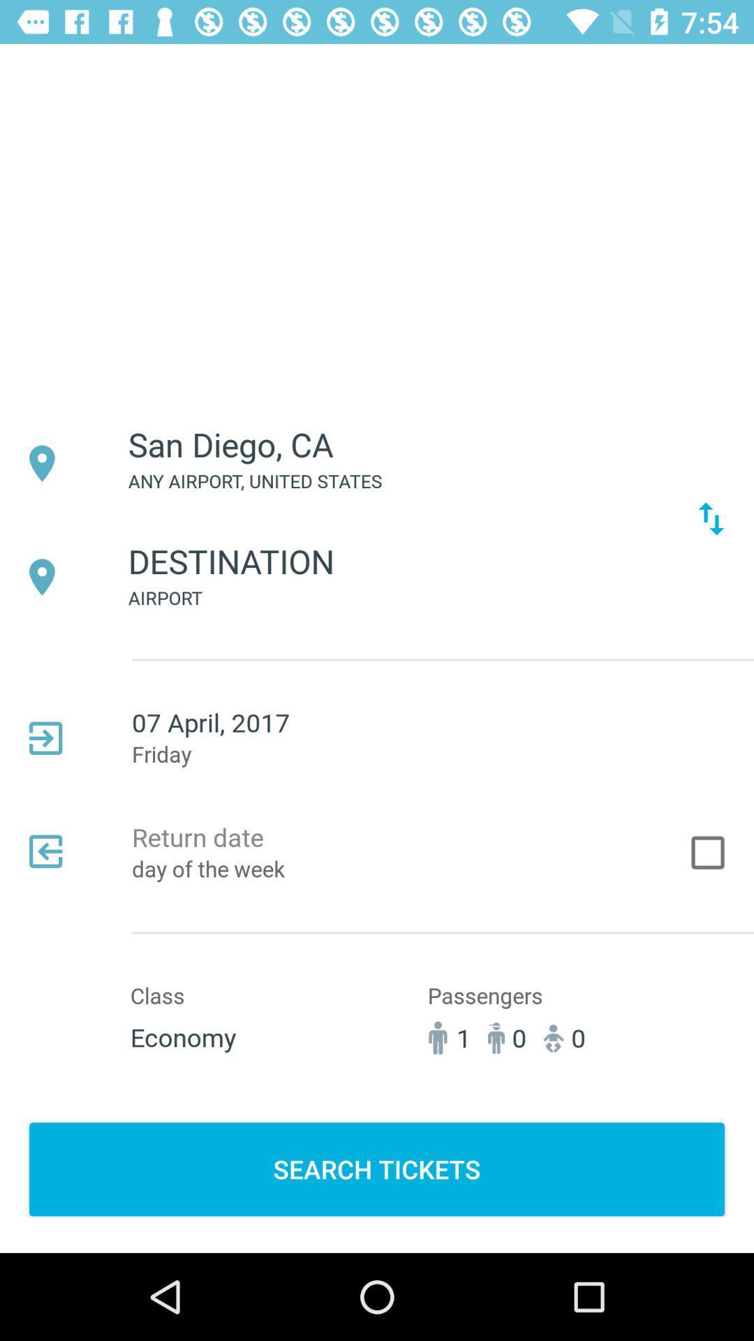  Describe the element at coordinates (377, 1169) in the screenshot. I see `the search tickets item` at that location.